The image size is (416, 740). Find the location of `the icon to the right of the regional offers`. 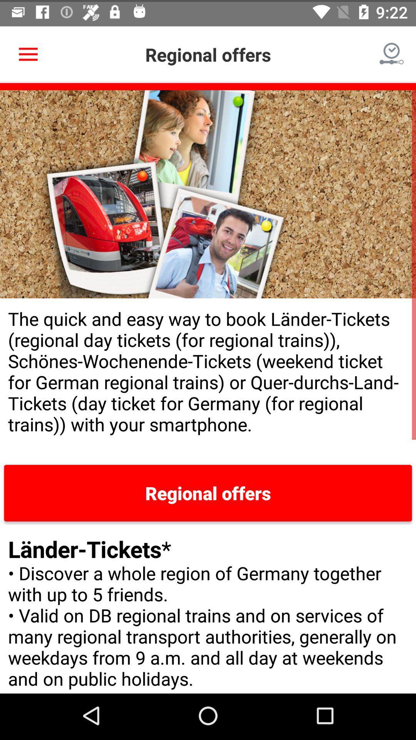

the icon to the right of the regional offers is located at coordinates (392, 52).